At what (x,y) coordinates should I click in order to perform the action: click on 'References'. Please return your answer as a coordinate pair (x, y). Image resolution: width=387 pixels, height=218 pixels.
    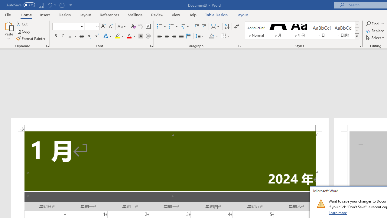
    Looking at the image, I should click on (109, 15).